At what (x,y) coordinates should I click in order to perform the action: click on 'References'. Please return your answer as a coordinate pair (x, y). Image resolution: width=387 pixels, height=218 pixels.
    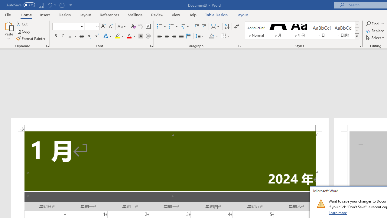
    Looking at the image, I should click on (109, 15).